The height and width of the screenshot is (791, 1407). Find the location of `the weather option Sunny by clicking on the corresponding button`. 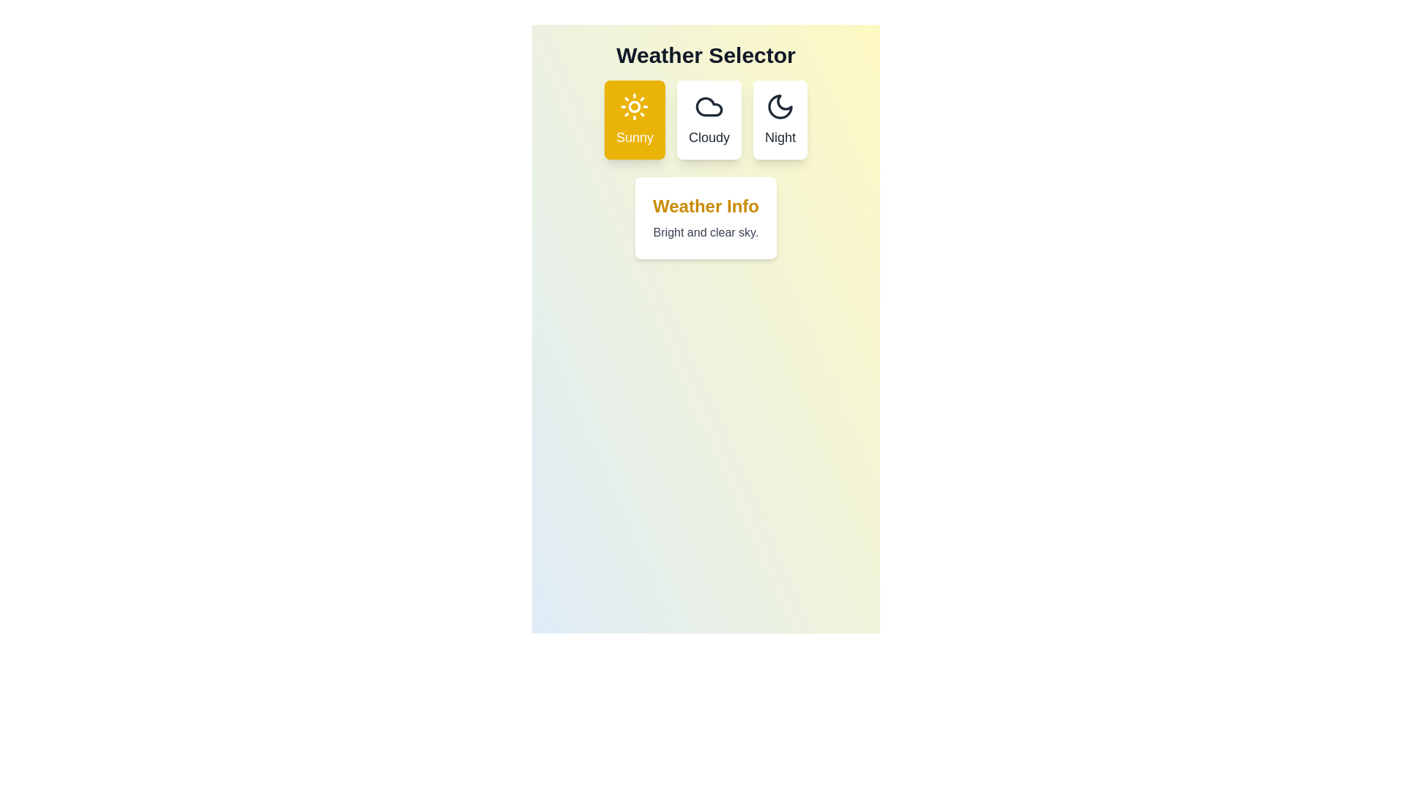

the weather option Sunny by clicking on the corresponding button is located at coordinates (634, 119).